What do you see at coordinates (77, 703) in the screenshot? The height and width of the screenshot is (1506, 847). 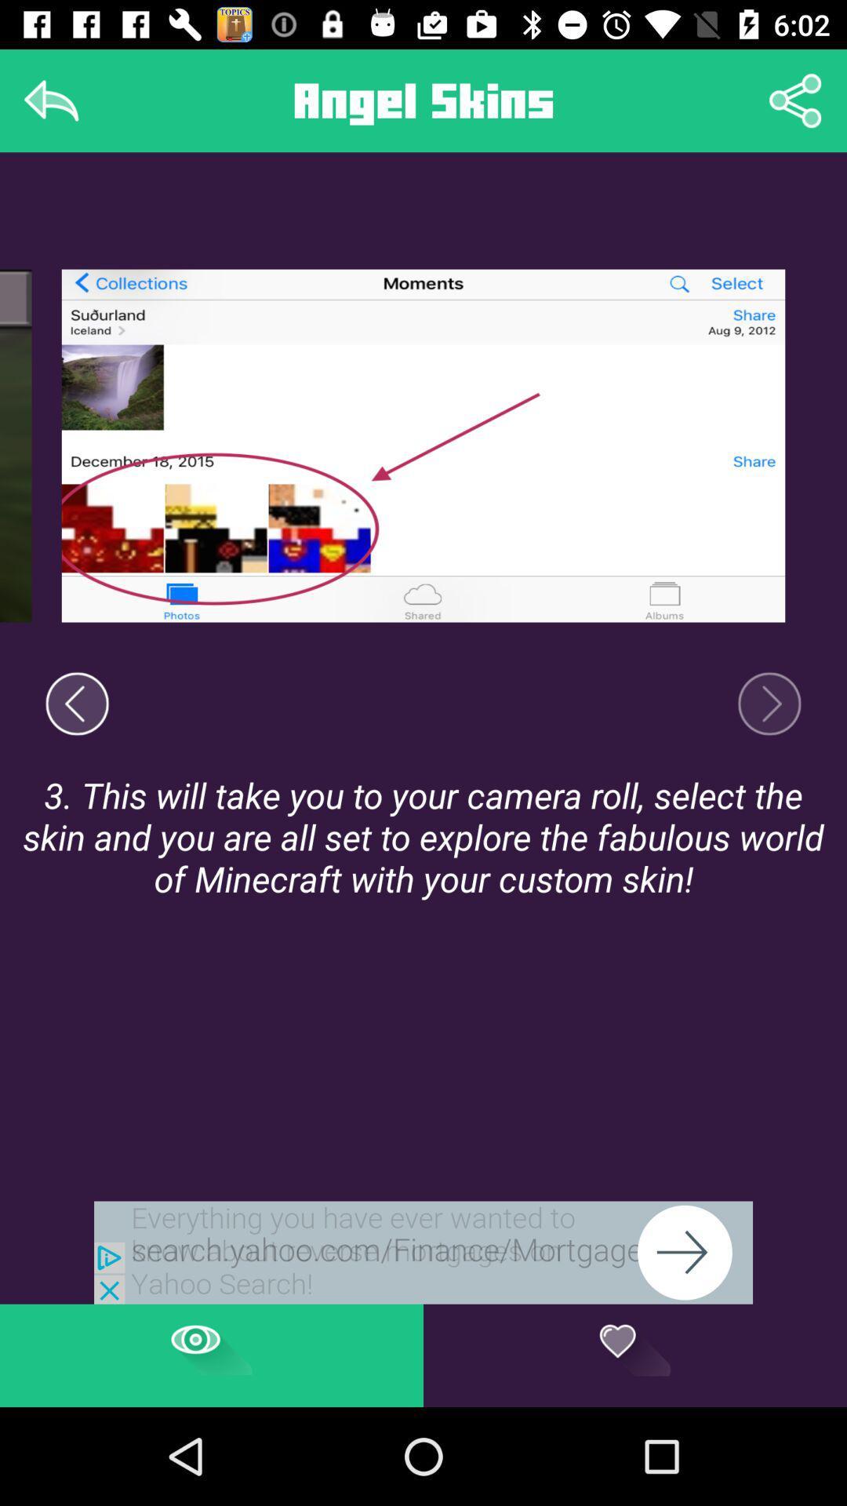 I see `go back` at bounding box center [77, 703].